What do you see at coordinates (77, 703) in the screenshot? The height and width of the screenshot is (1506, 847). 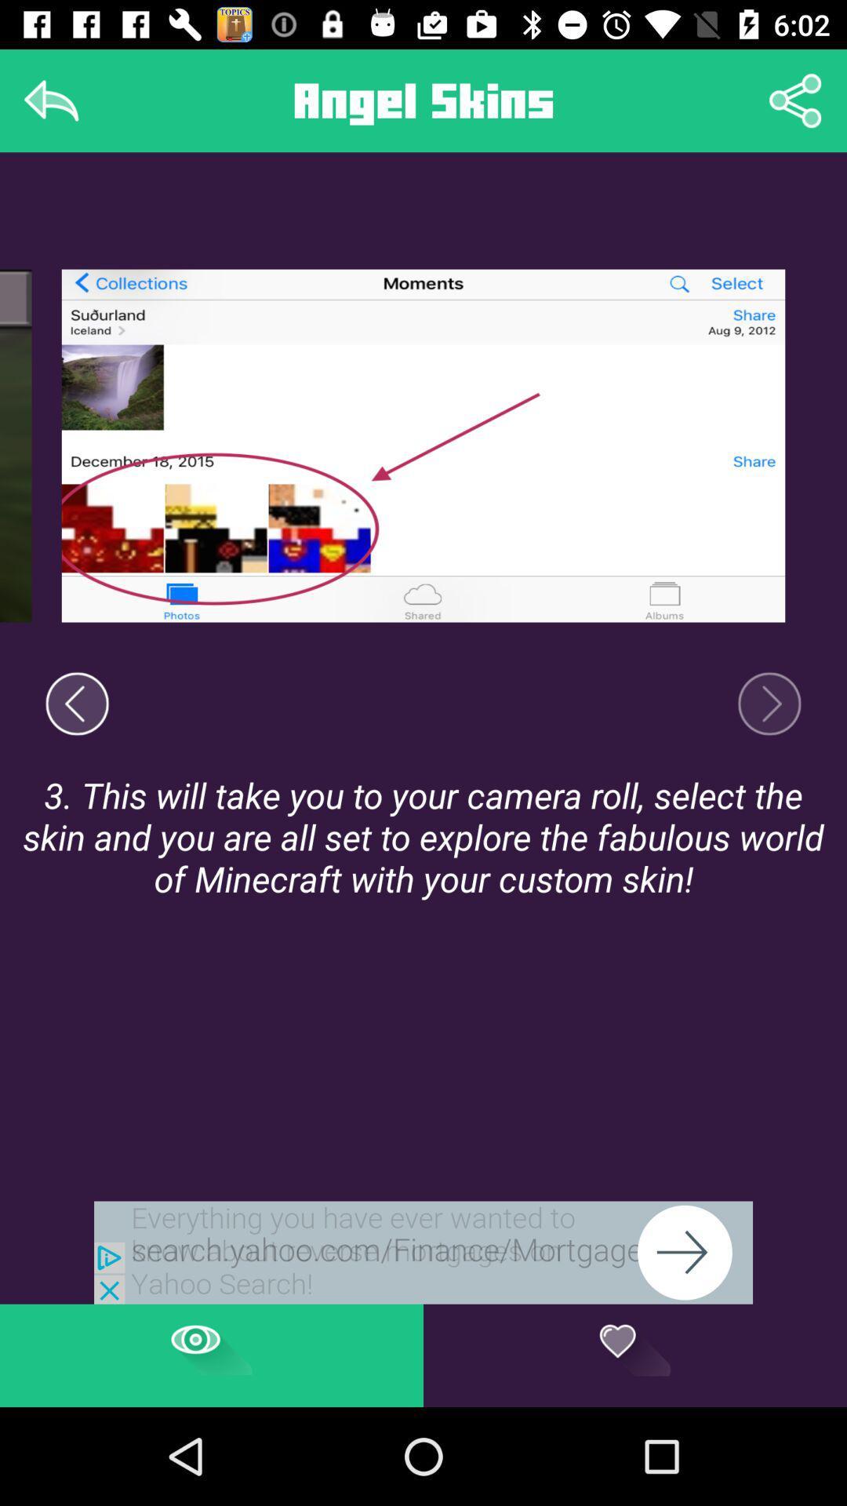 I see `go back` at bounding box center [77, 703].